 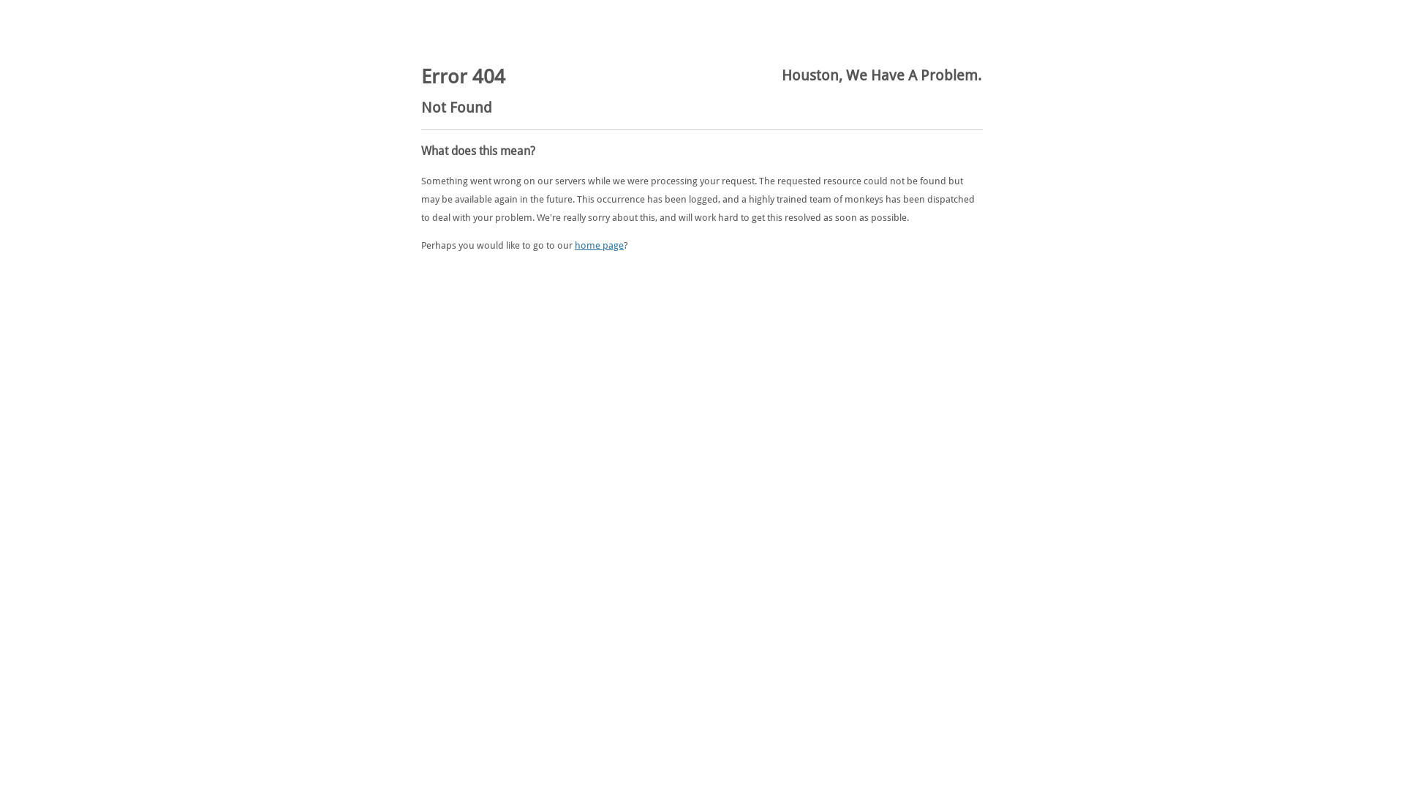 What do you see at coordinates (574, 244) in the screenshot?
I see `'home page'` at bounding box center [574, 244].